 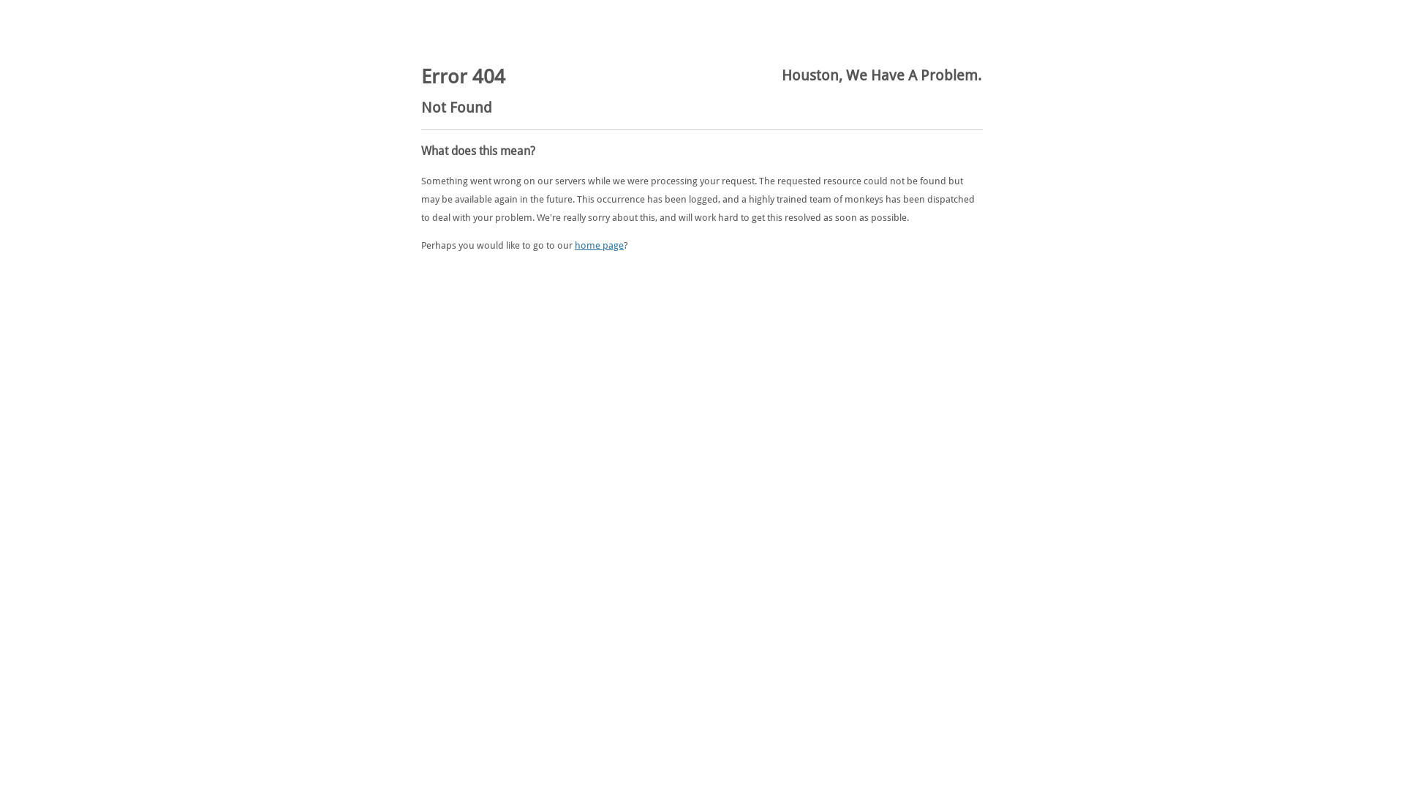 What do you see at coordinates (574, 244) in the screenshot?
I see `'home page'` at bounding box center [574, 244].